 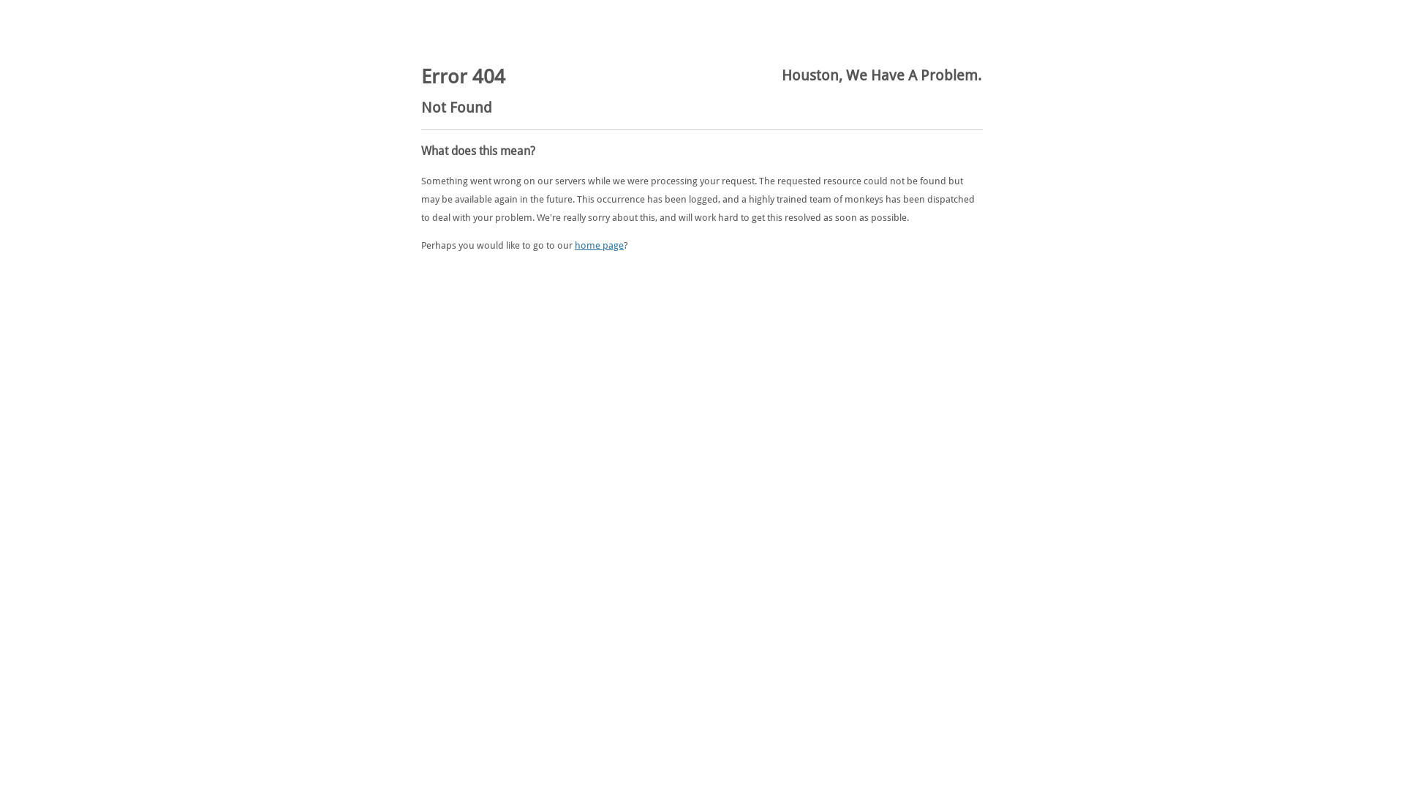 What do you see at coordinates (574, 244) in the screenshot?
I see `'home page'` at bounding box center [574, 244].